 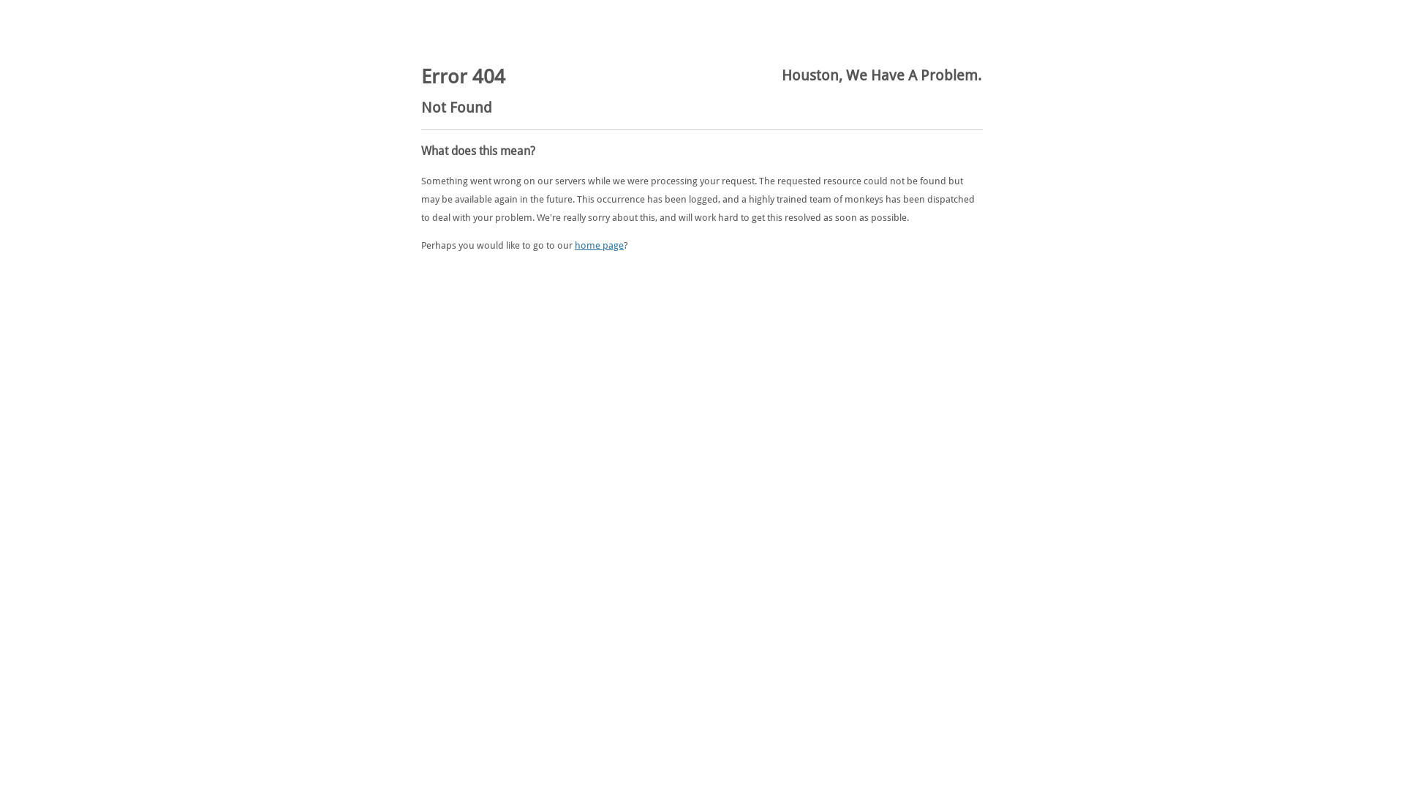 What do you see at coordinates (574, 244) in the screenshot?
I see `'home page'` at bounding box center [574, 244].